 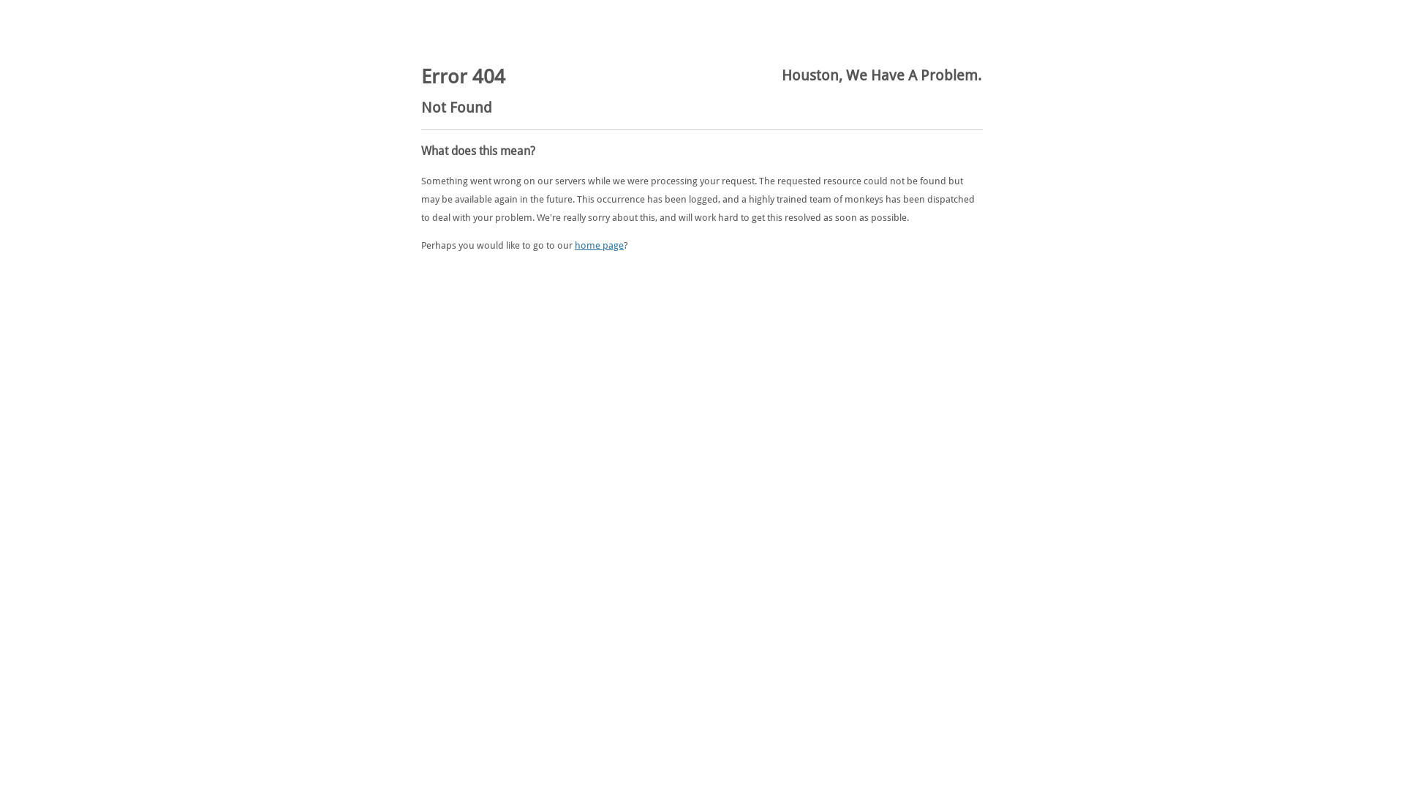 What do you see at coordinates (574, 244) in the screenshot?
I see `'home page'` at bounding box center [574, 244].